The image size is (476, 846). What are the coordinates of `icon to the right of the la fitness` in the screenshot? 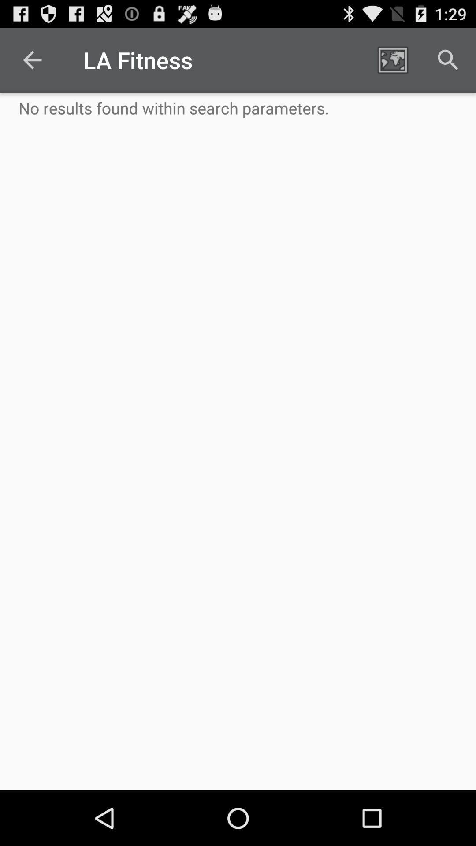 It's located at (392, 59).